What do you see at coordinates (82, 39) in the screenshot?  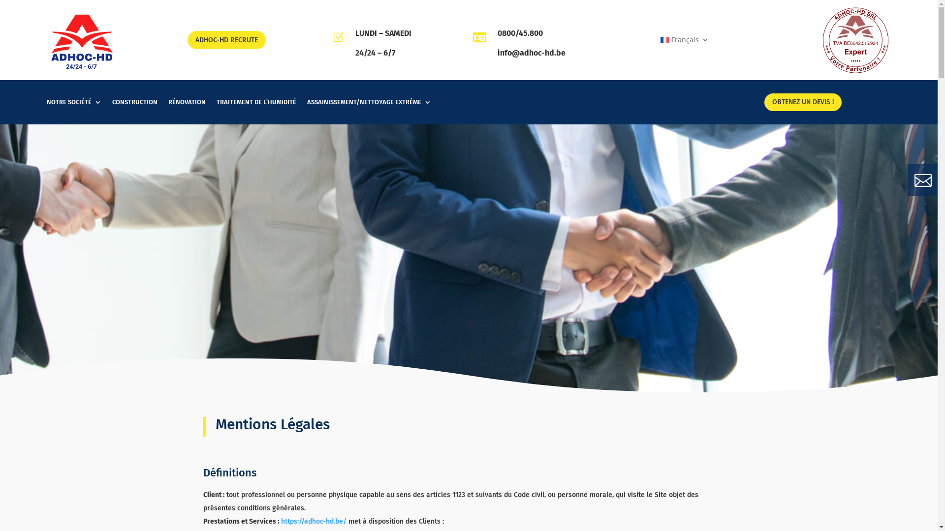 I see `'logo-adhoc-hd'` at bounding box center [82, 39].